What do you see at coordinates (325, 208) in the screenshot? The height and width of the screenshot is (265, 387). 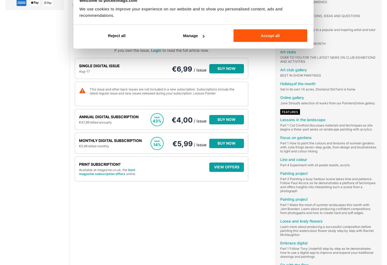 I see `'Part 1 Make the most of summer landscapes this month with Jem Bowden. Learn about producing confident compositions from photogaphs and how to create hard and soft edges'` at bounding box center [325, 208].